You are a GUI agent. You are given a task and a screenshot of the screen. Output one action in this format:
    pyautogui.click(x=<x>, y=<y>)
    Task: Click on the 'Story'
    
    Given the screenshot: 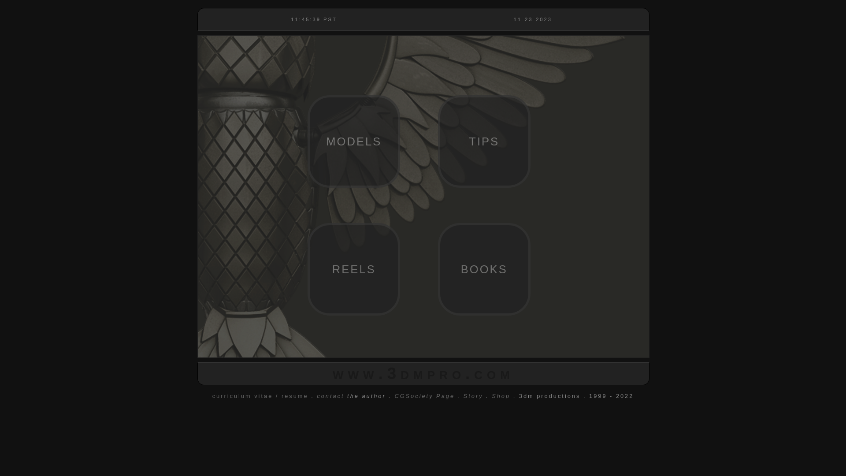 What is the action you would take?
    pyautogui.click(x=463, y=395)
    